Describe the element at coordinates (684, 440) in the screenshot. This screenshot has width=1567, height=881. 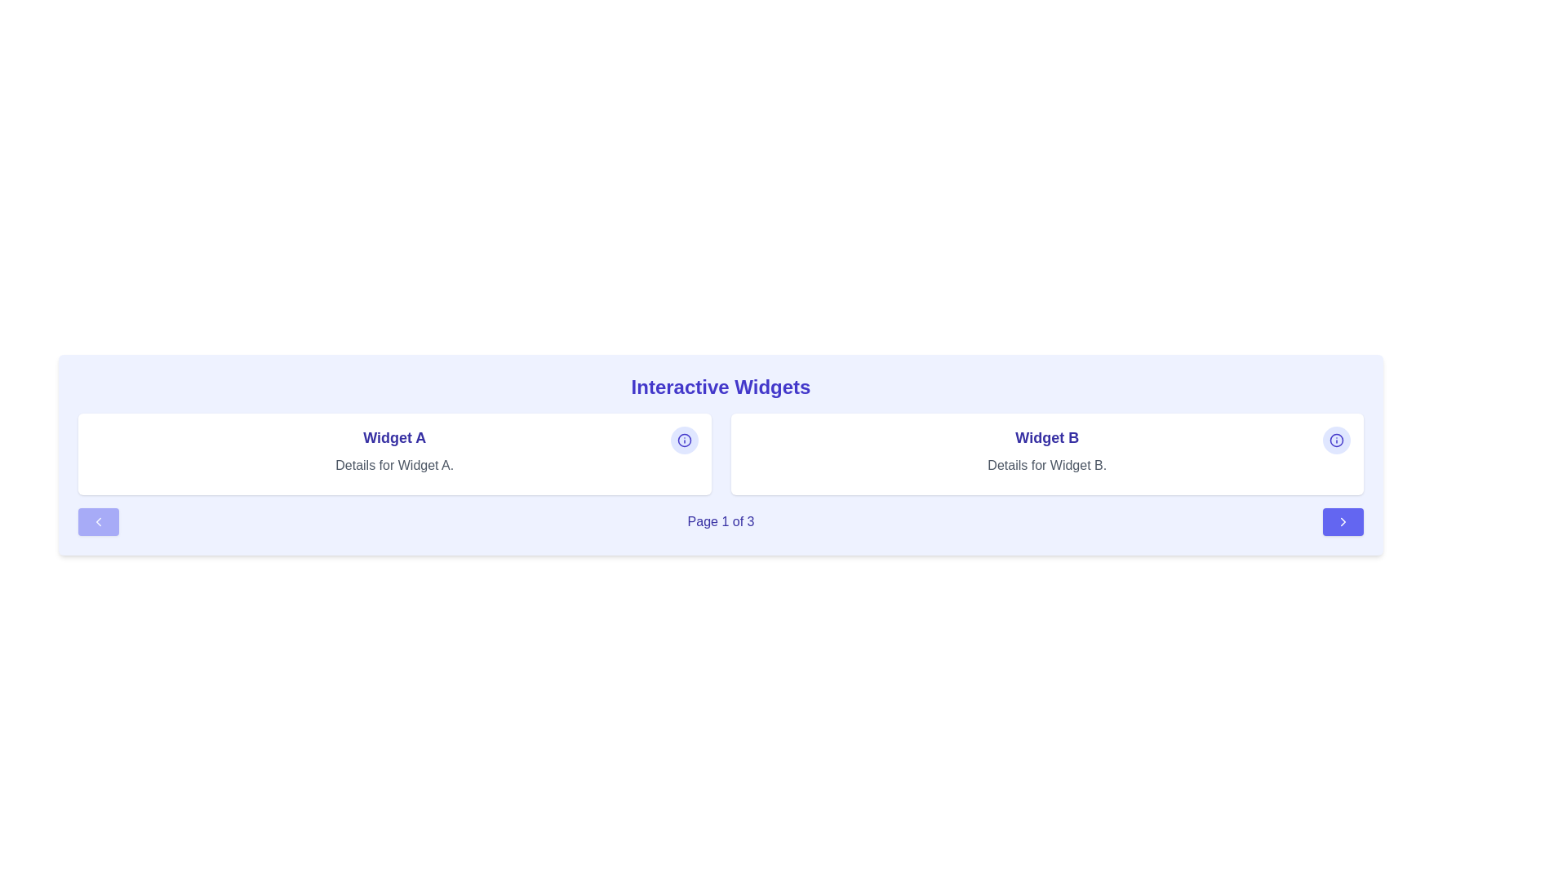
I see `the interactive informational button, which is a circular icon with a blue outline and an 'i' symbol, located in the top-right corner of 'Widget A'` at that location.